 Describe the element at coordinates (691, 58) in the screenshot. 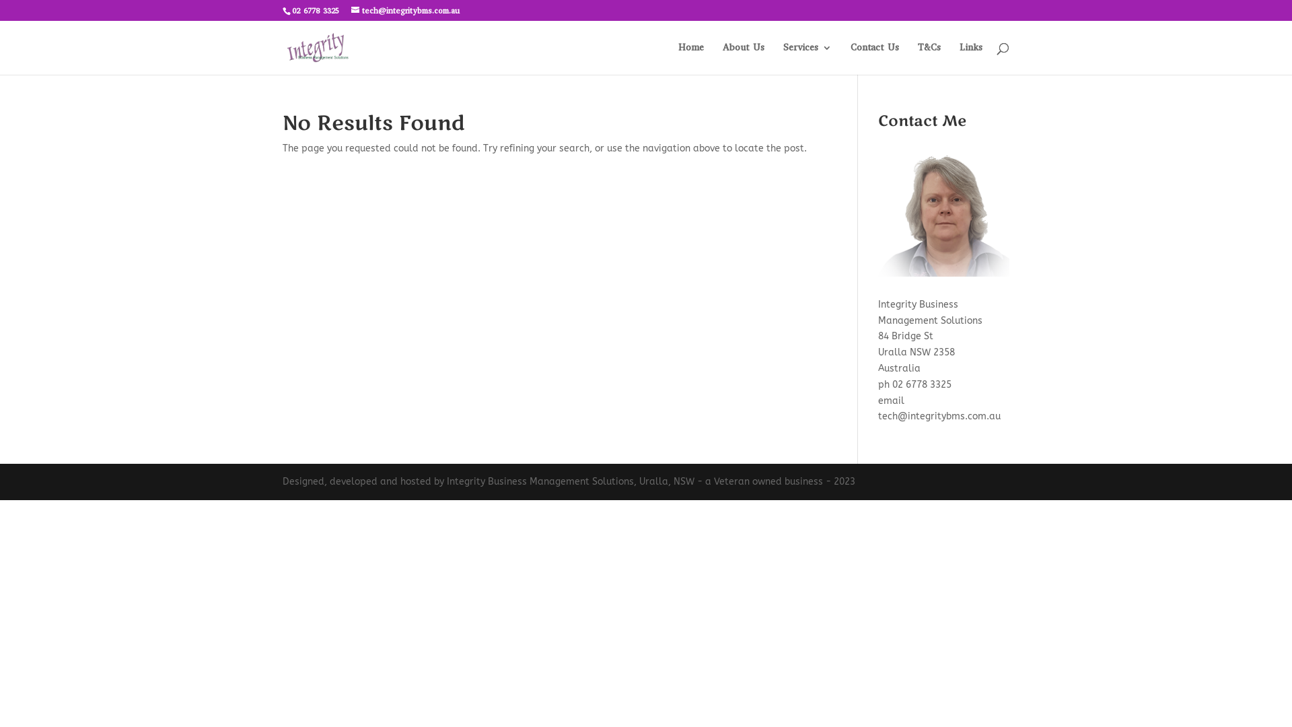

I see `'Home'` at that location.